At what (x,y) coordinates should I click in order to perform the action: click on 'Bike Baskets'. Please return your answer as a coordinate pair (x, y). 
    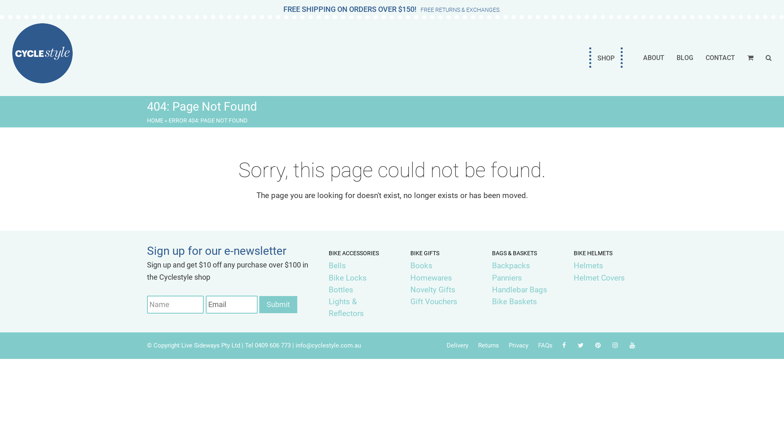
    Looking at the image, I should click on (514, 301).